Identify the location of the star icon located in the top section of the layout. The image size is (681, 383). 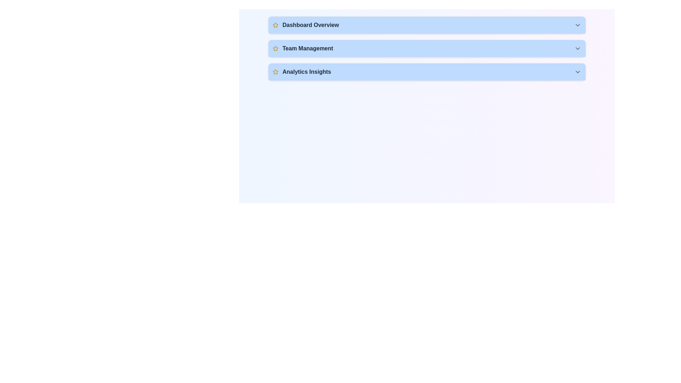
(275, 48).